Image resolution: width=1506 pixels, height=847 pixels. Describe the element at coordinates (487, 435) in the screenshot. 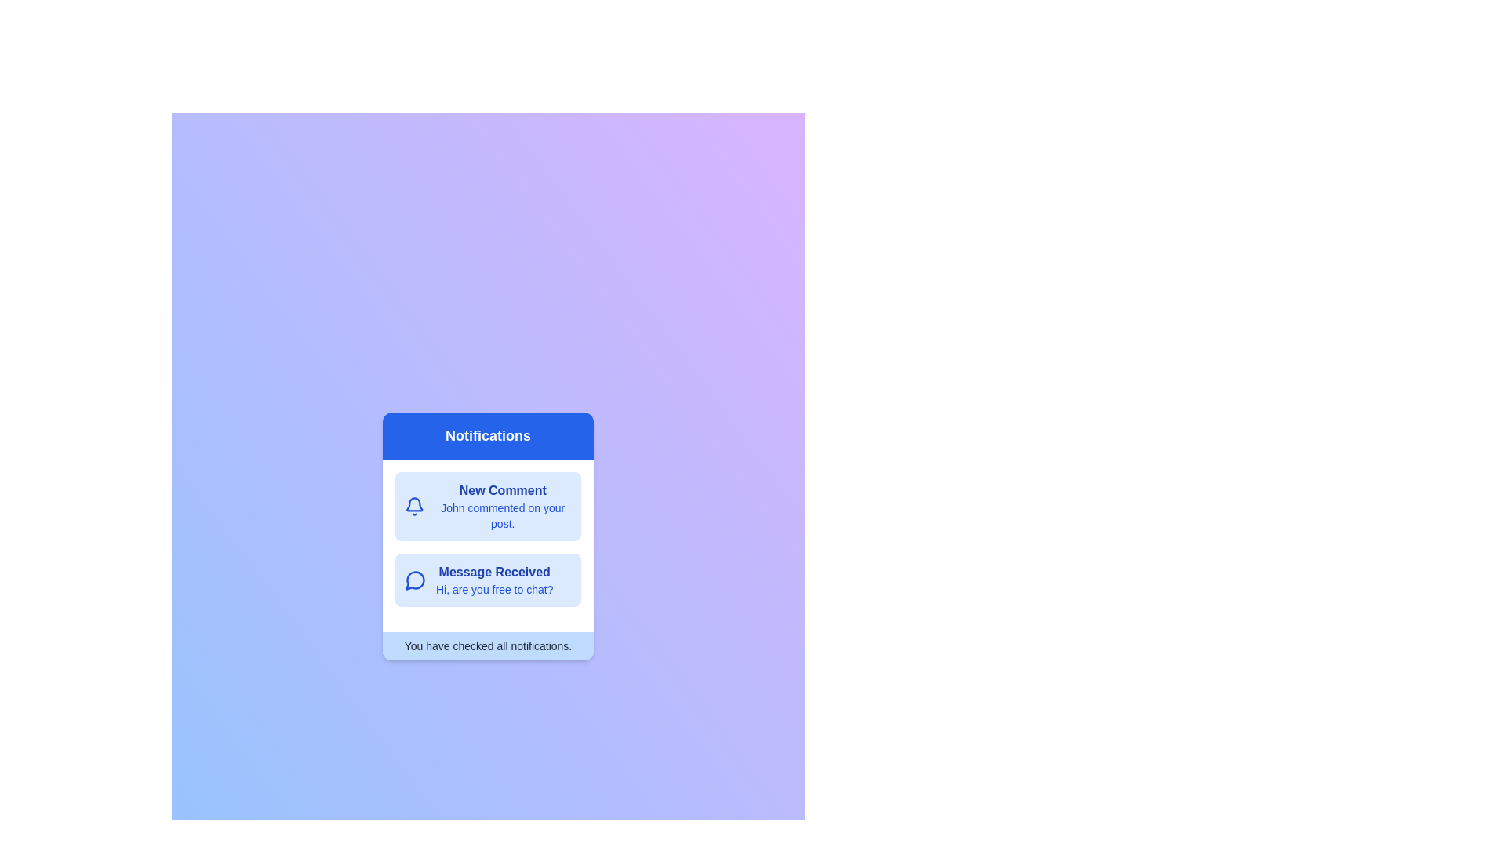

I see `the Notifications header to focus or highlight the title` at that location.